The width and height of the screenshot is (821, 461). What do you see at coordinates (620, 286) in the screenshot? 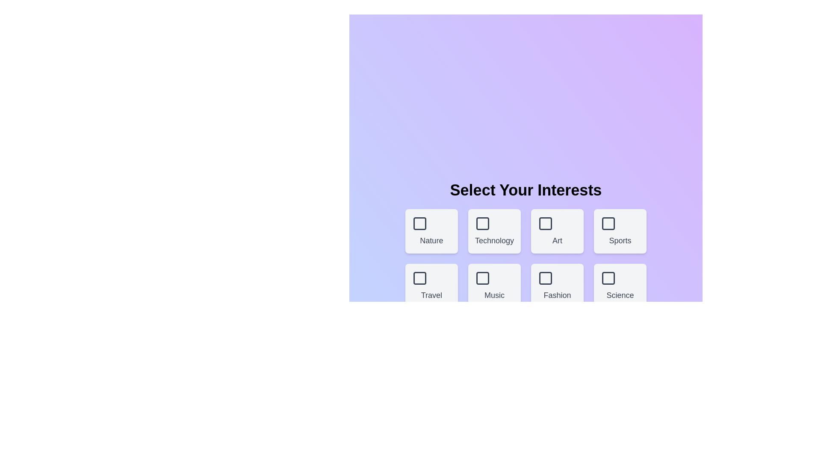
I see `the theme box labeled Science` at bounding box center [620, 286].